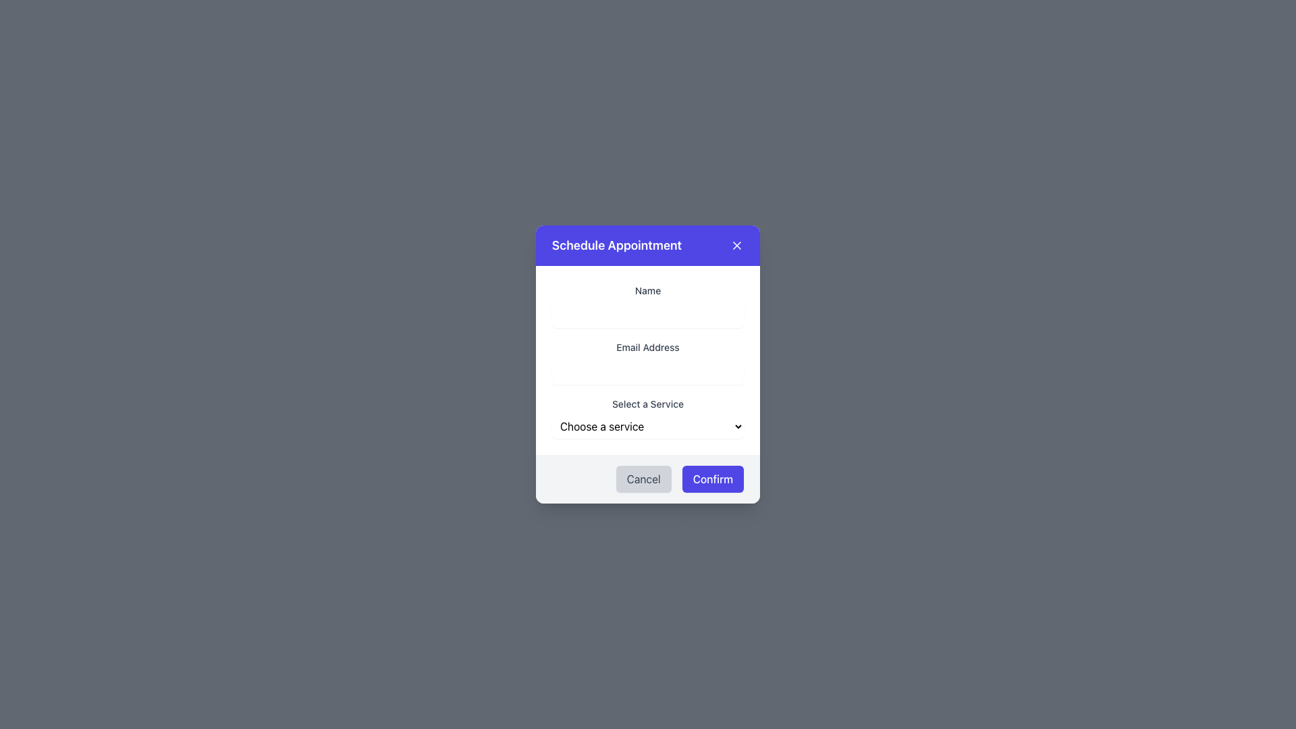 The height and width of the screenshot is (729, 1296). I want to click on text 'Schedule Appointment' displayed in bold white font on a purple background, located at the top center of the modal dialog box, so click(616, 245).